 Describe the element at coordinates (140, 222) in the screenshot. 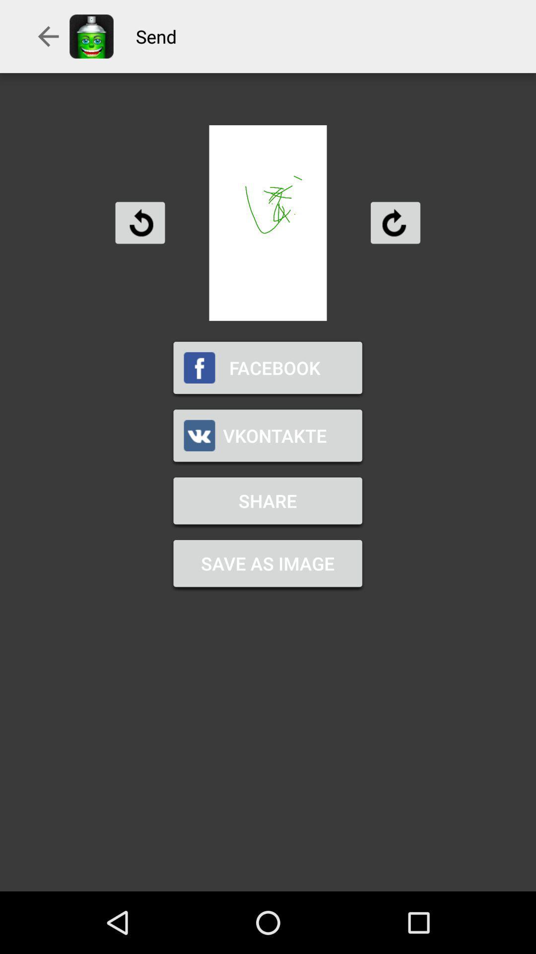

I see `the item above the facebook item` at that location.